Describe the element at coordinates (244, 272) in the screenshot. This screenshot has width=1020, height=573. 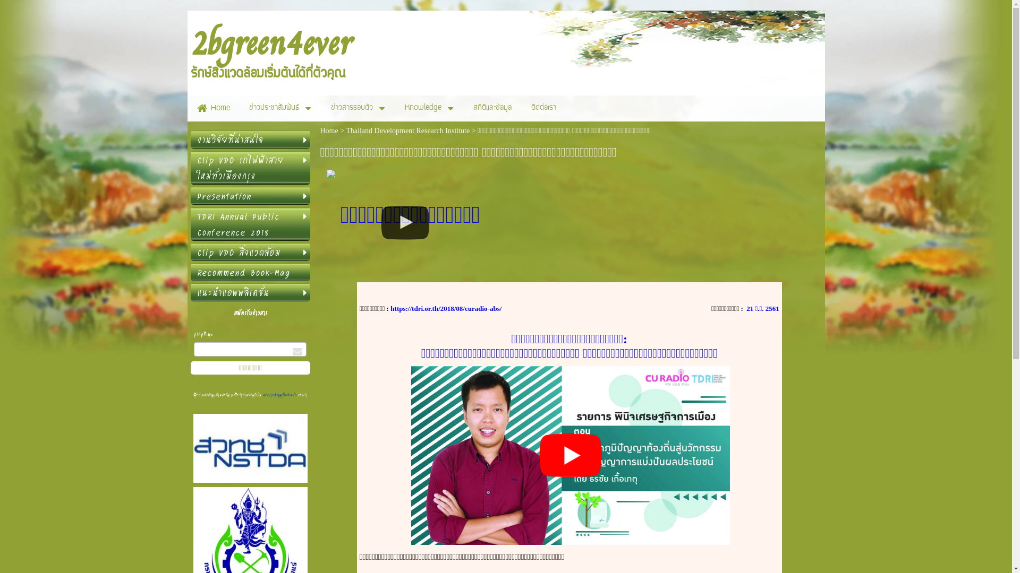
I see `'Recommend Book-Mag'` at that location.